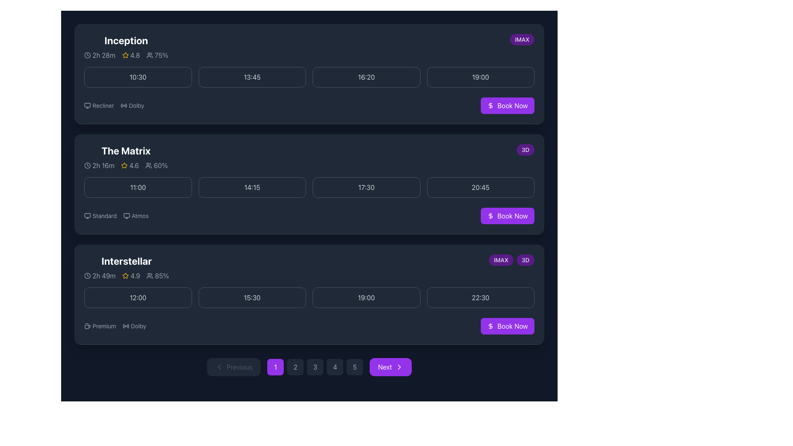 This screenshot has width=793, height=446. I want to click on the descriptive label containing icons and text components labeled 'Standard' and 'Atmos', located in the 'The Matrix' section, just above the 'Book Now' button, so click(116, 216).